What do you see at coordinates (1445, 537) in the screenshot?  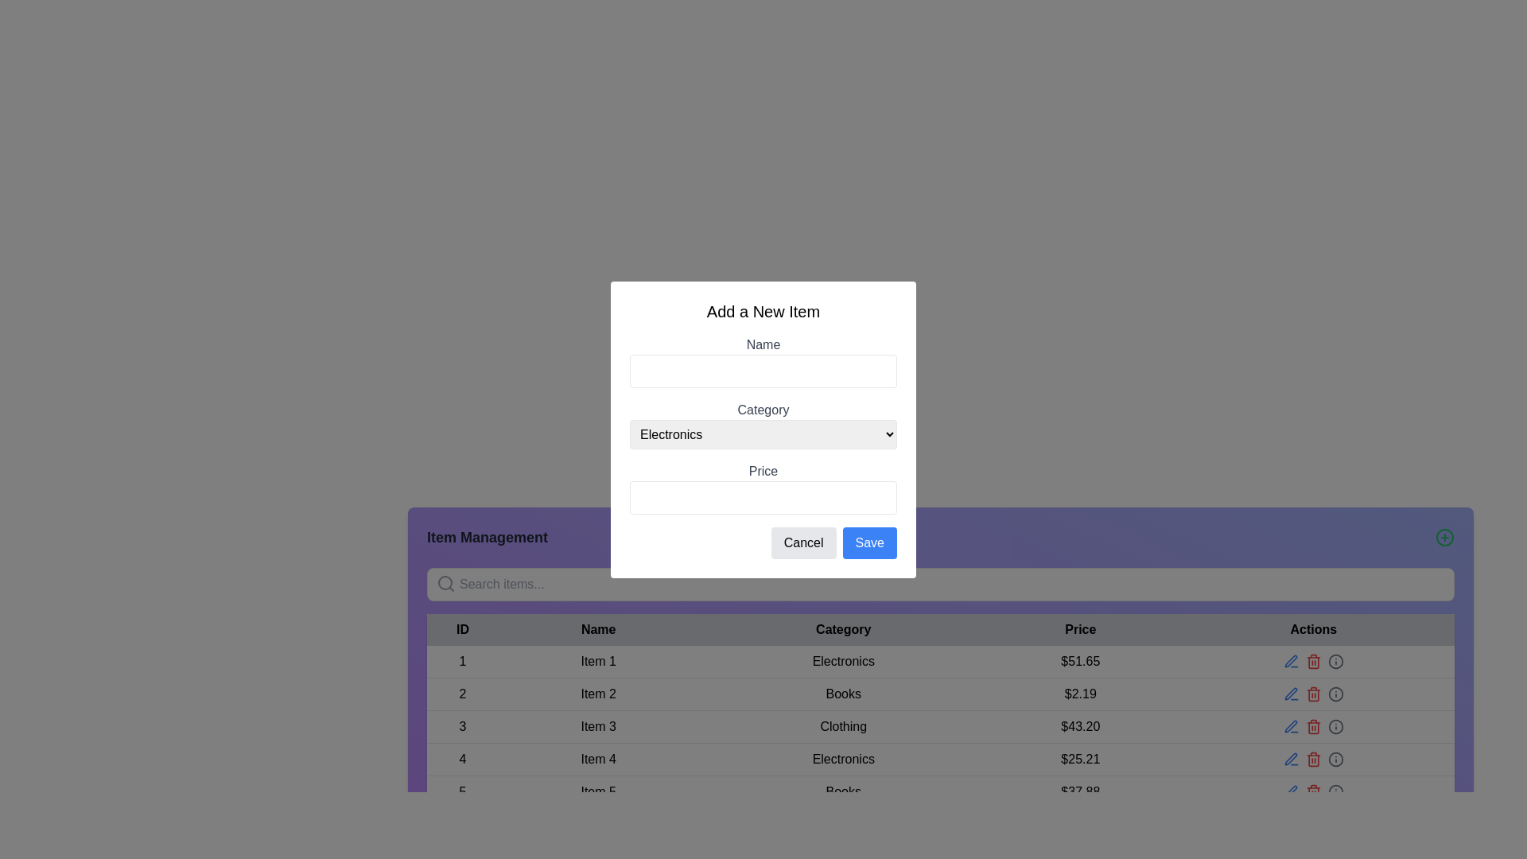 I see `the 'Add New Item' button located at the far right of the 'Item Management' header` at bounding box center [1445, 537].